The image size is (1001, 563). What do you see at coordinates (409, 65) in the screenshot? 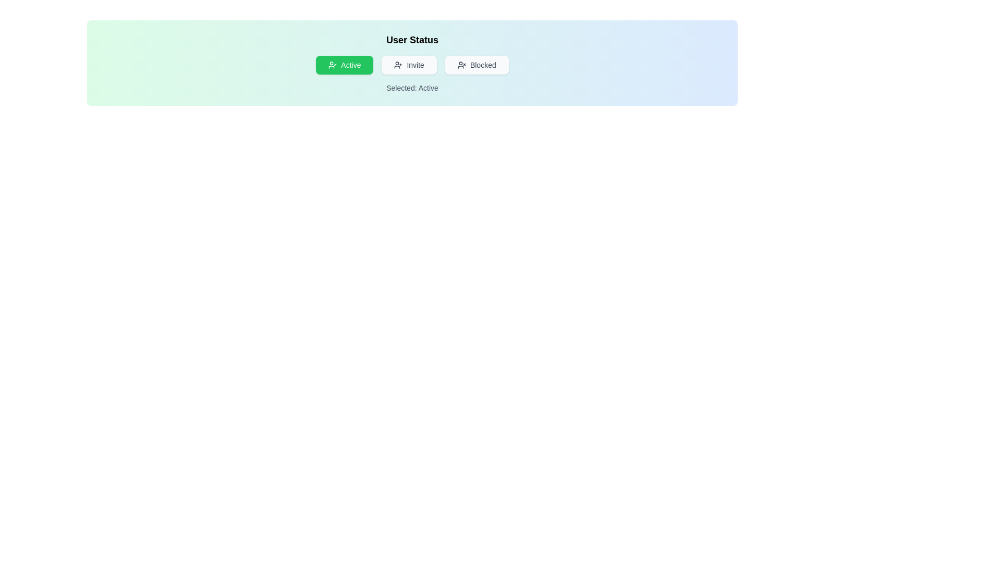
I see `the chip labeled Invite to change the user status` at bounding box center [409, 65].